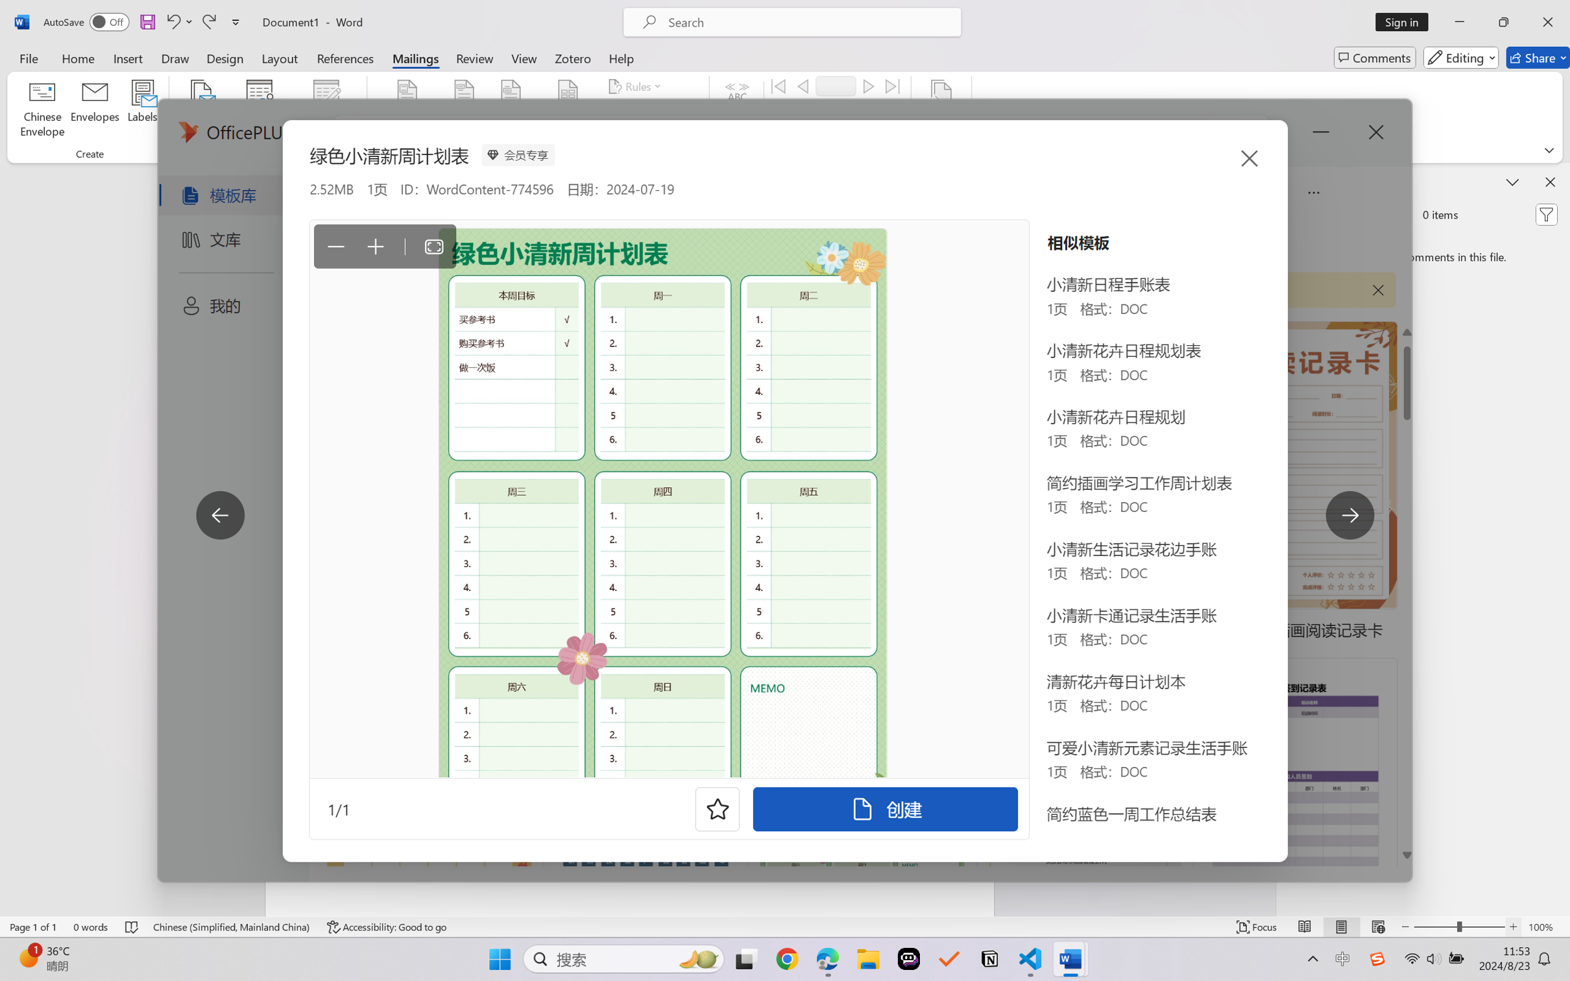 Image resolution: width=1570 pixels, height=981 pixels. What do you see at coordinates (1407, 21) in the screenshot?
I see `'Sign in'` at bounding box center [1407, 21].